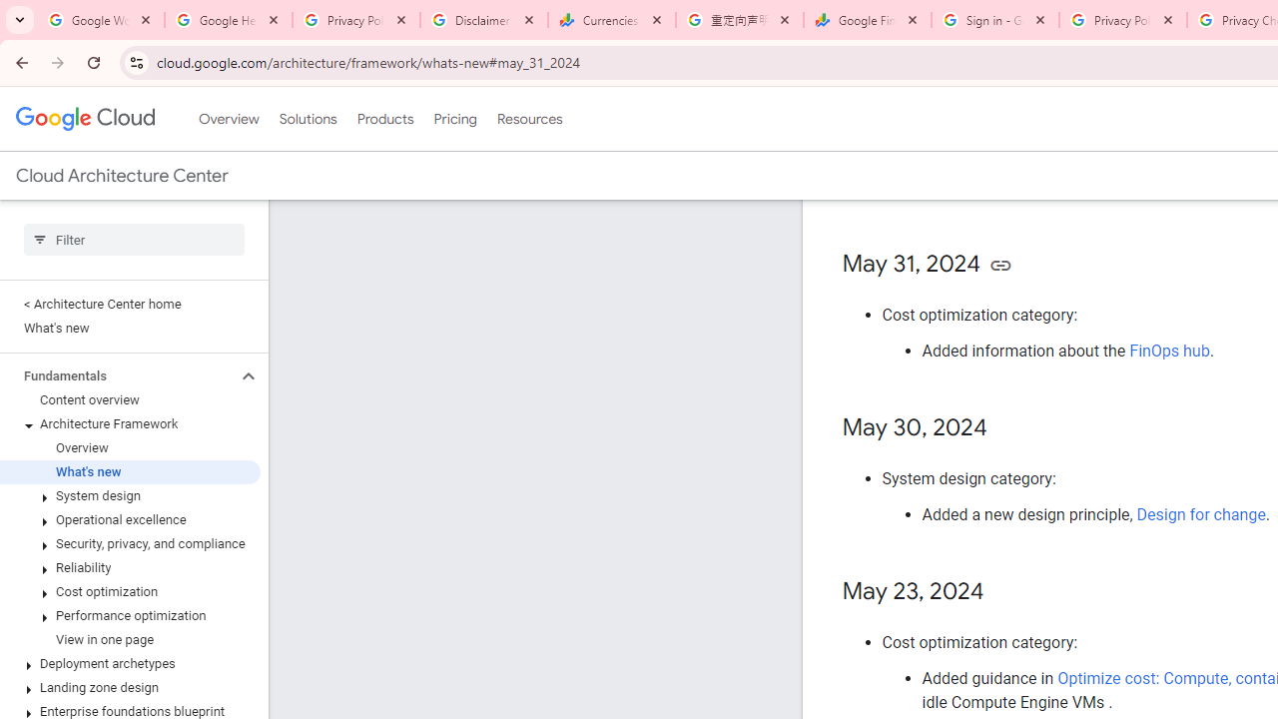  What do you see at coordinates (121, 175) in the screenshot?
I see `'Cloud Architecture Center'` at bounding box center [121, 175].